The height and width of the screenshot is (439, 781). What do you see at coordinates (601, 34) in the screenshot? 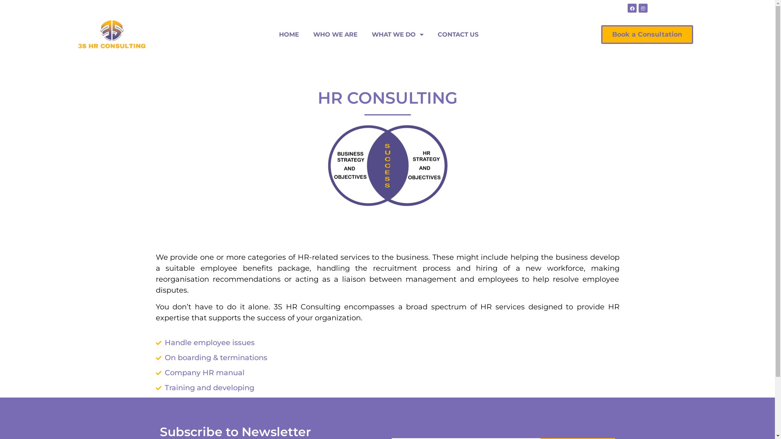
I see `'Book a Consultation'` at bounding box center [601, 34].